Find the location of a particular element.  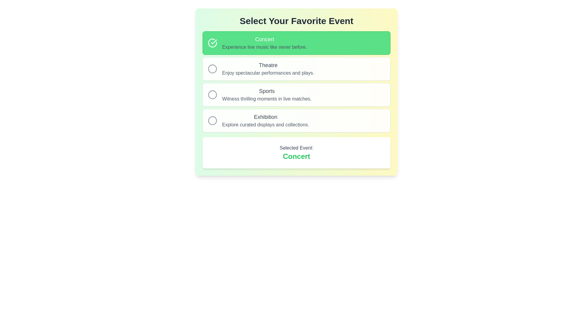

the circular icon with a green background and white outline that contains a checkmark, located to the left of the label 'Concert' is located at coordinates (212, 42).